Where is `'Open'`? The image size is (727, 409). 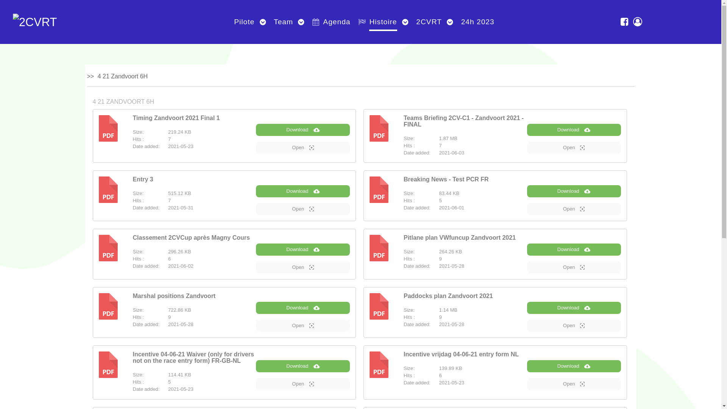
'Open' is located at coordinates (574, 147).